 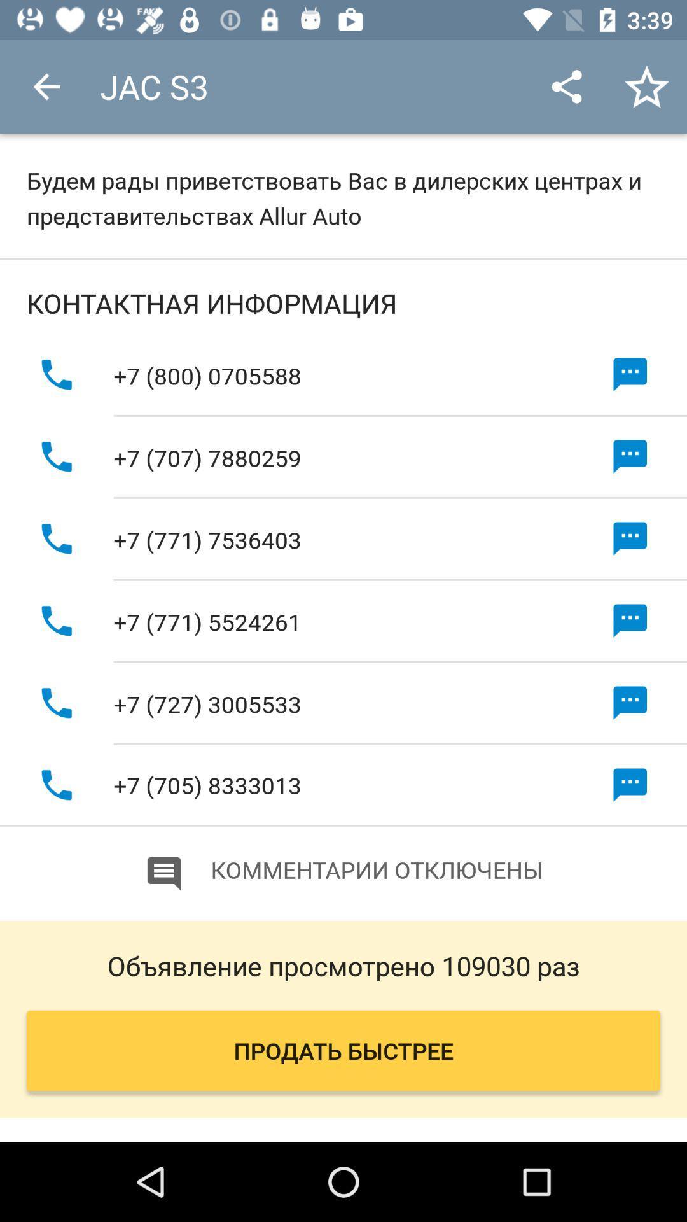 I want to click on the item next to the jac s3 app, so click(x=46, y=86).